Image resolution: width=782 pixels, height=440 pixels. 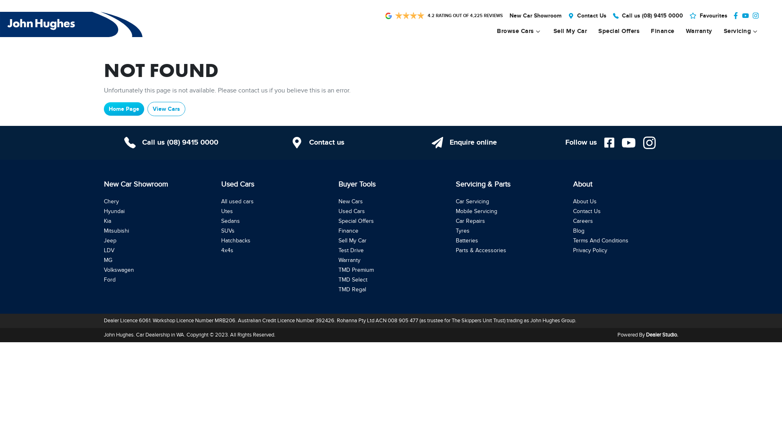 What do you see at coordinates (710, 15) in the screenshot?
I see `'Favourites'` at bounding box center [710, 15].